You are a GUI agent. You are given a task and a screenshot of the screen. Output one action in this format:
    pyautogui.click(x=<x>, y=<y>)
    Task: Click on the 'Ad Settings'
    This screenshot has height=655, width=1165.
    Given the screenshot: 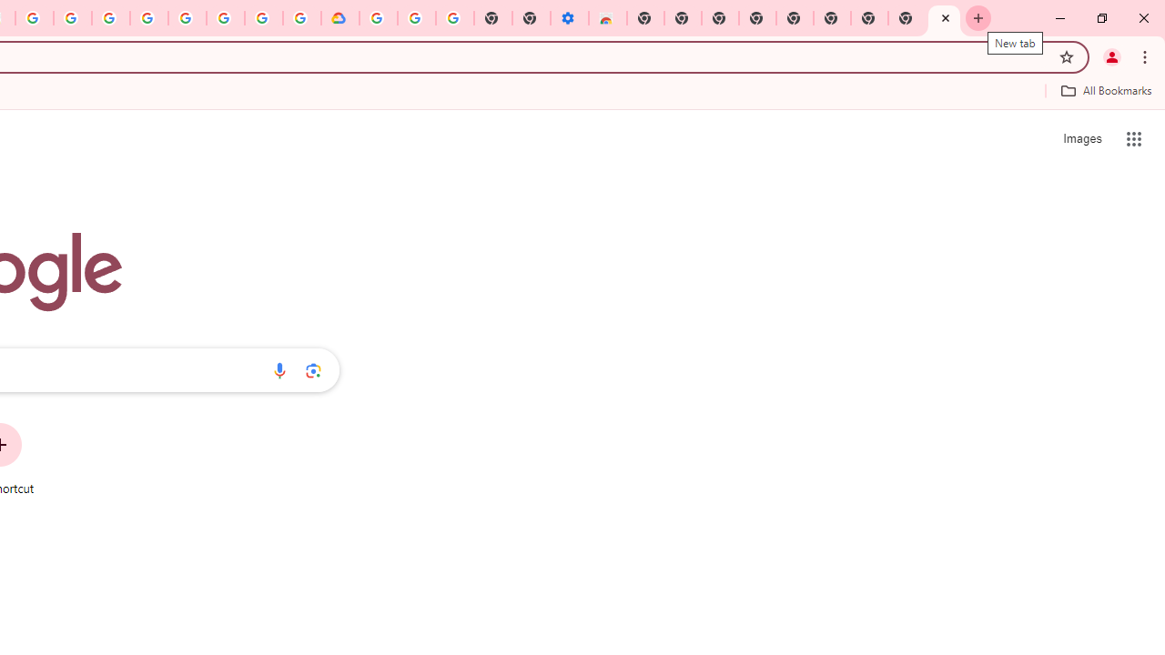 What is the action you would take?
    pyautogui.click(x=110, y=18)
    